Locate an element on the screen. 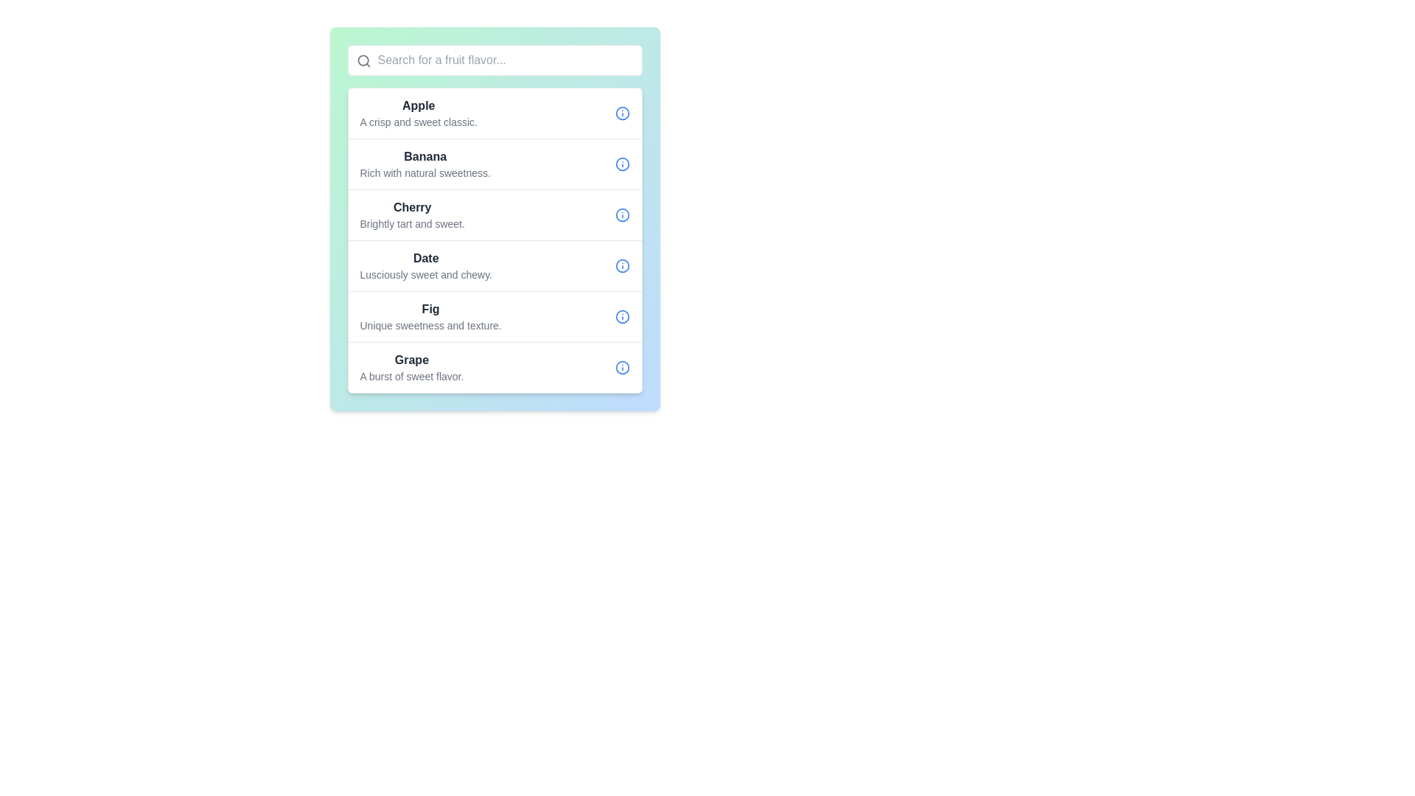 This screenshot has width=1415, height=796. the text block displaying the label 'Banana' and its description 'Rich with natural sweetness', which is positioned below 'Apple' and above 'Cherry' is located at coordinates (424, 164).